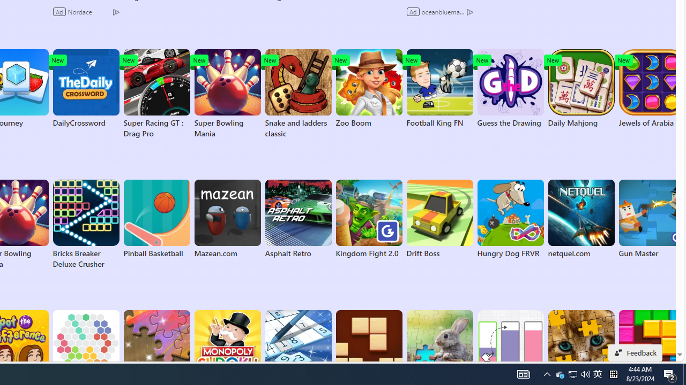  Describe the element at coordinates (227, 94) in the screenshot. I see `'Super Bowling Mania'` at that location.